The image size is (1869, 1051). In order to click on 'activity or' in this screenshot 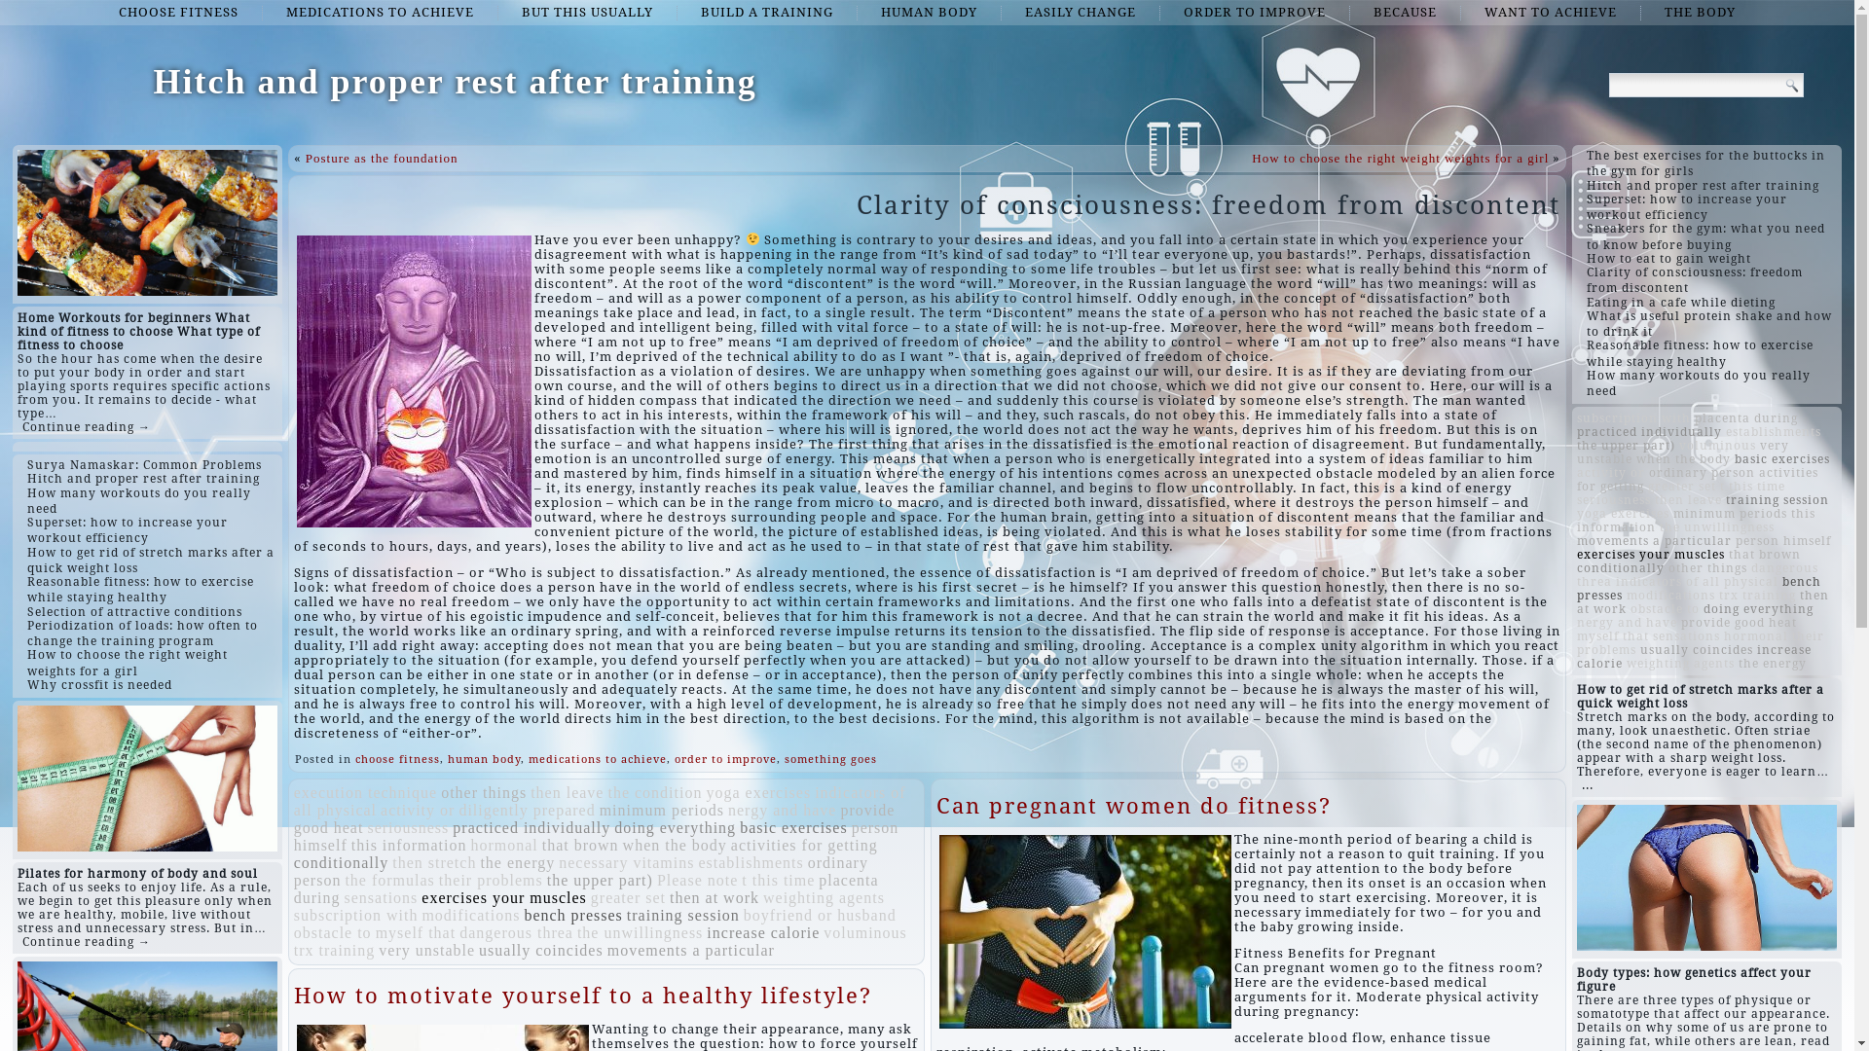, I will do `click(416, 810)`.